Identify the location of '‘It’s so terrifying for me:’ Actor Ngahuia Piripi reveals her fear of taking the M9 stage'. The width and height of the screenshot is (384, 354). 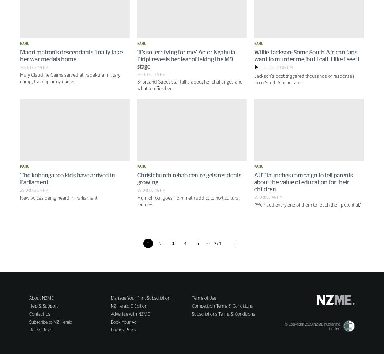
(185, 59).